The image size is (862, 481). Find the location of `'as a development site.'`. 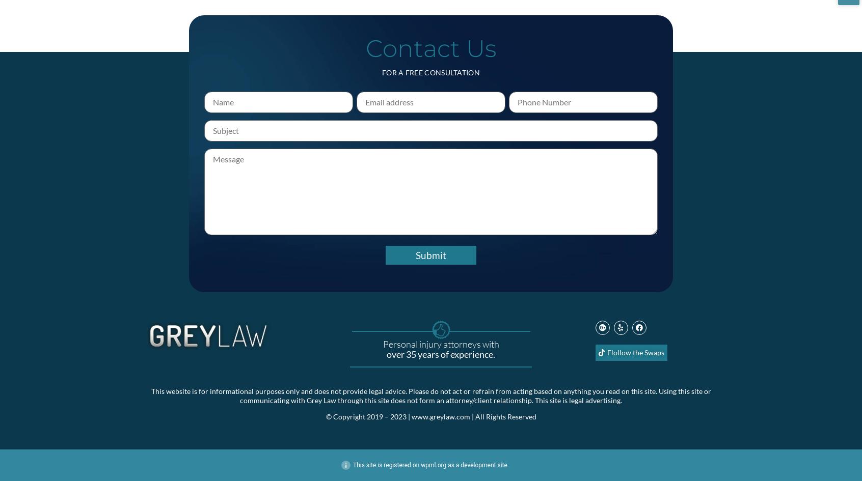

'as a development site.' is located at coordinates (477, 464).